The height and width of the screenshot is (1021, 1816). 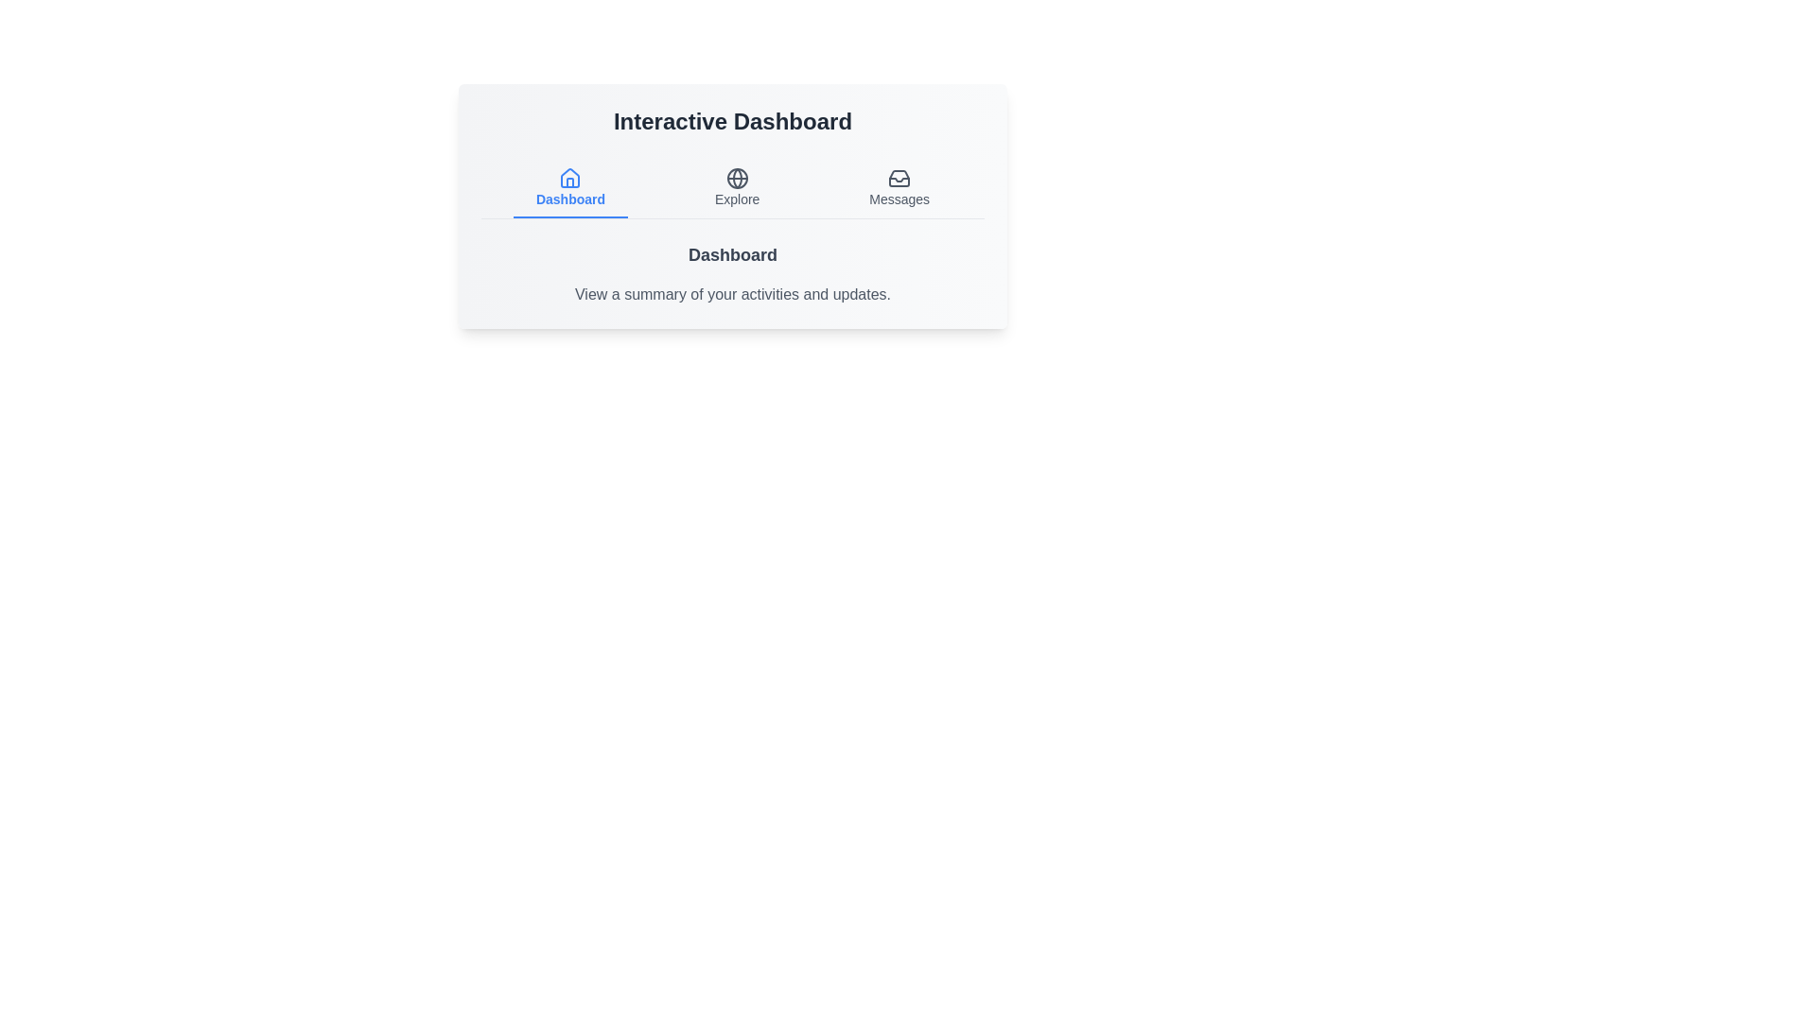 I want to click on the 'Explore' tab to switch to the Explore section, so click(x=736, y=189).